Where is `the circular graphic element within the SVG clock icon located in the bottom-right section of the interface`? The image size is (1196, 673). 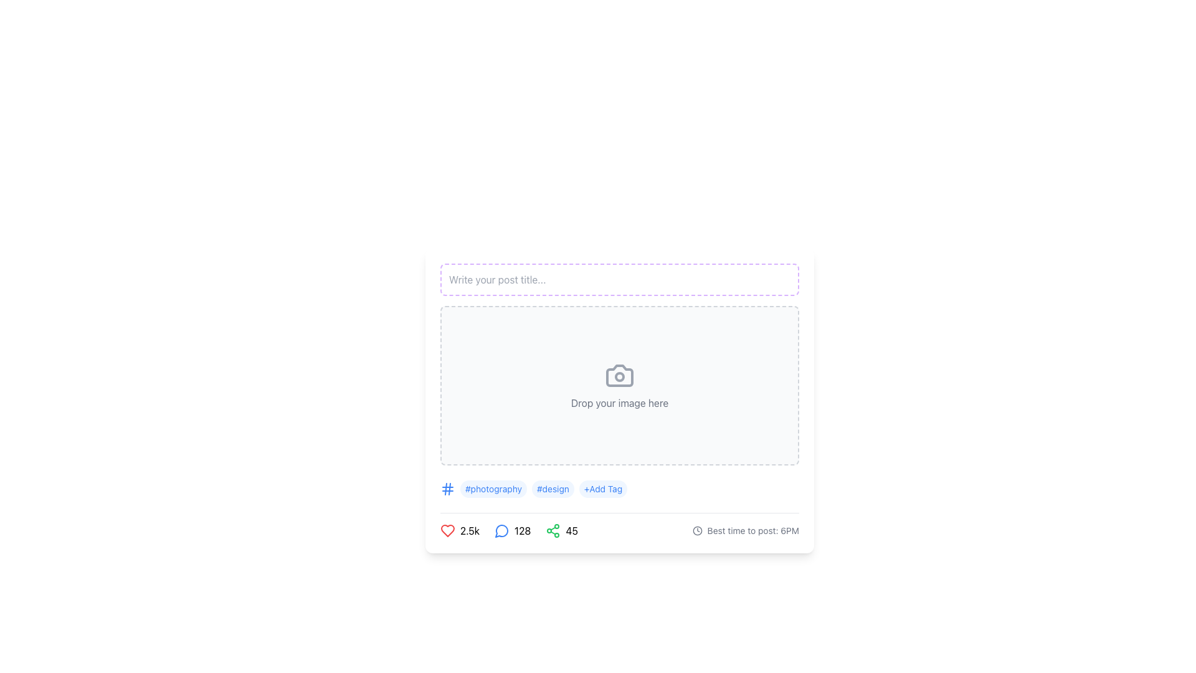 the circular graphic element within the SVG clock icon located in the bottom-right section of the interface is located at coordinates (696, 531).